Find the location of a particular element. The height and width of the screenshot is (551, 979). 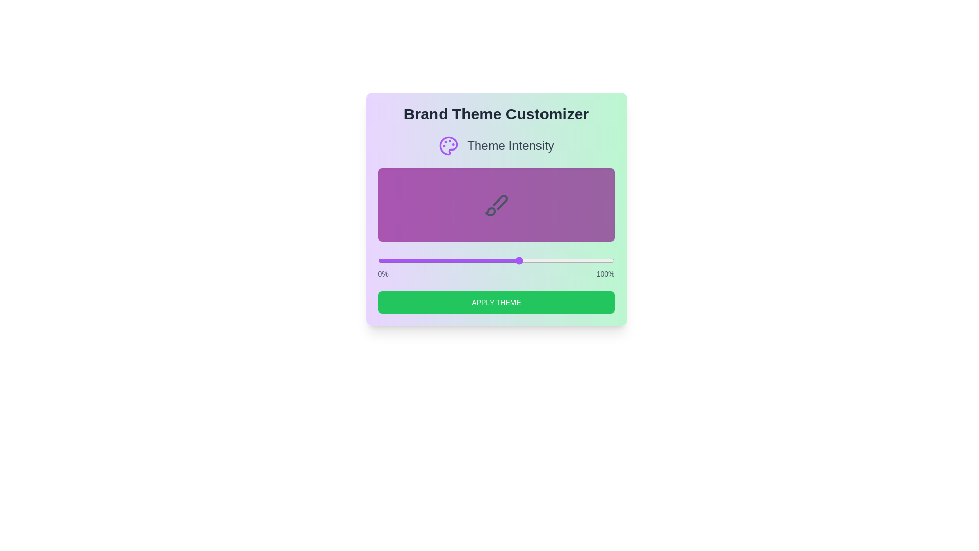

the theme intensity slider to 36% to view the corresponding theme preview is located at coordinates (462, 260).